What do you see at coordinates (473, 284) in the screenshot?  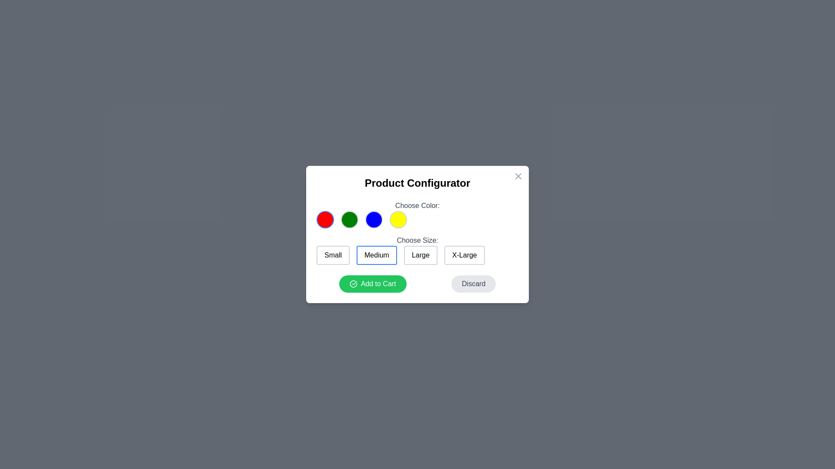 I see `the discard button located on the right side of the 'Product Configurator' modal` at bounding box center [473, 284].